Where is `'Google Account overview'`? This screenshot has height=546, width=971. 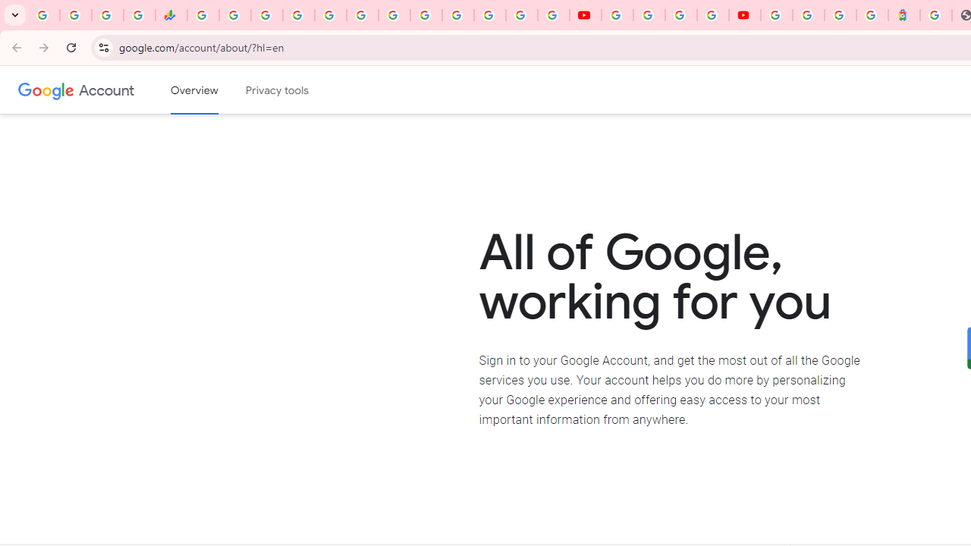
'Google Account overview' is located at coordinates (193, 90).